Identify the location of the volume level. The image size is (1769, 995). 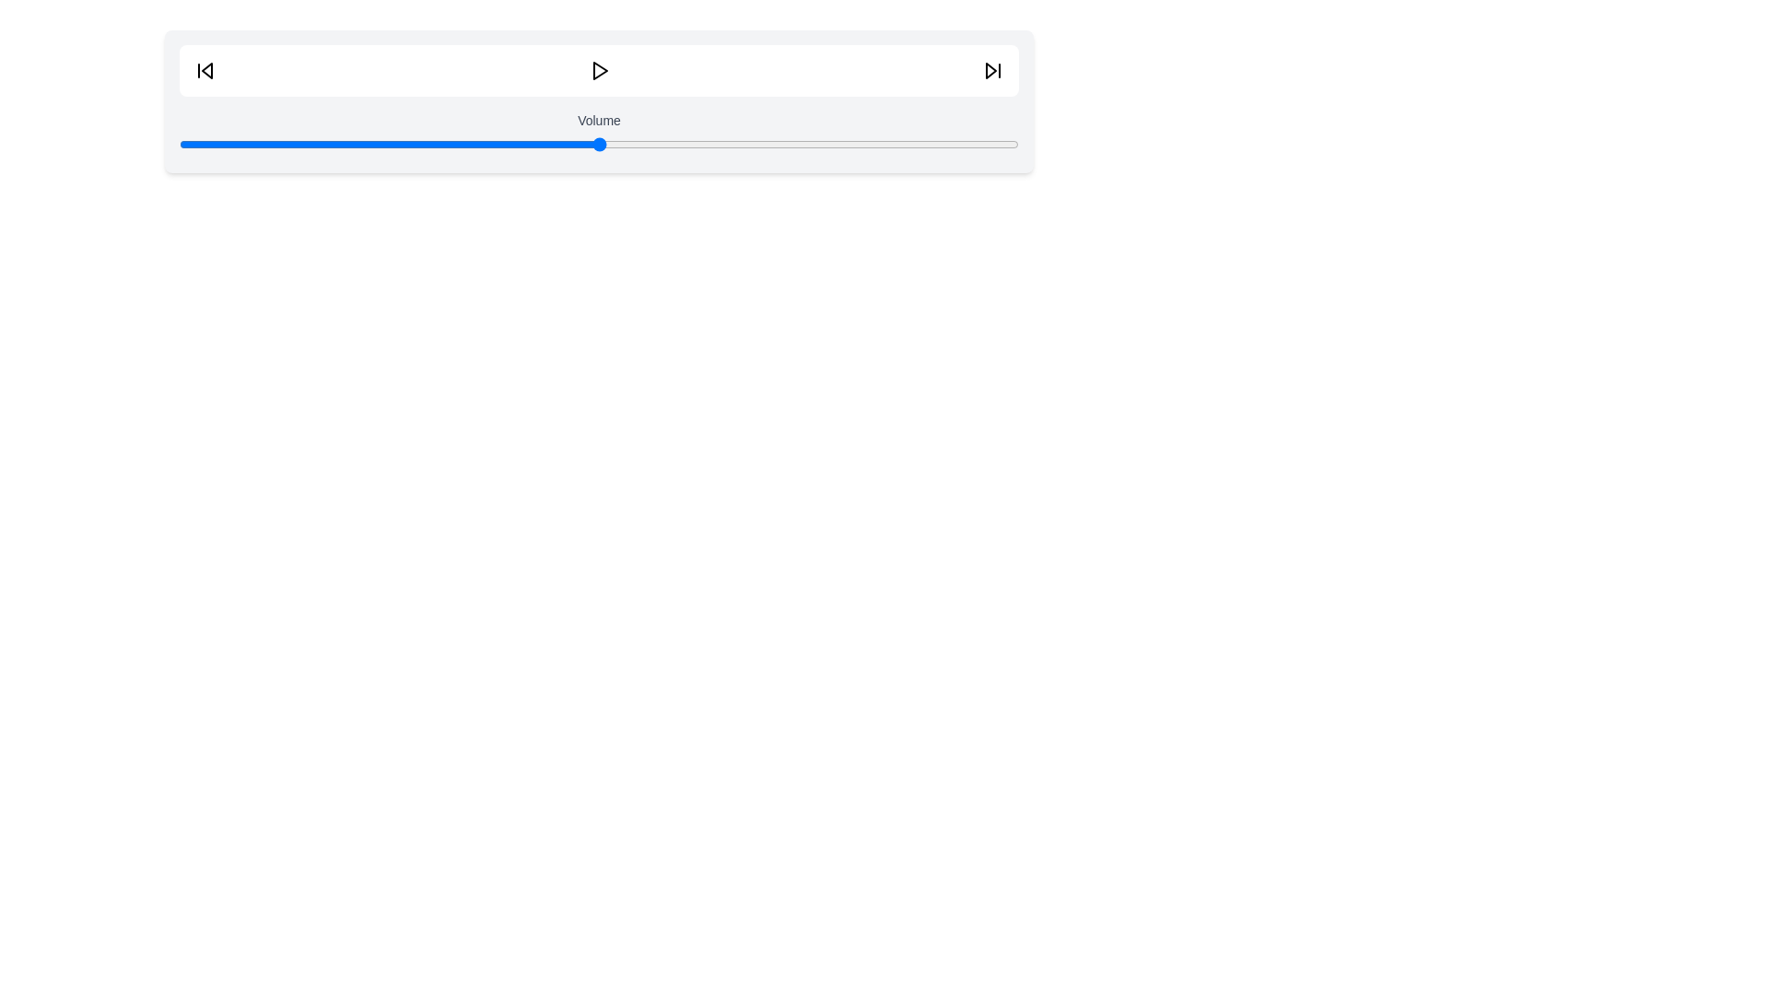
(322, 144).